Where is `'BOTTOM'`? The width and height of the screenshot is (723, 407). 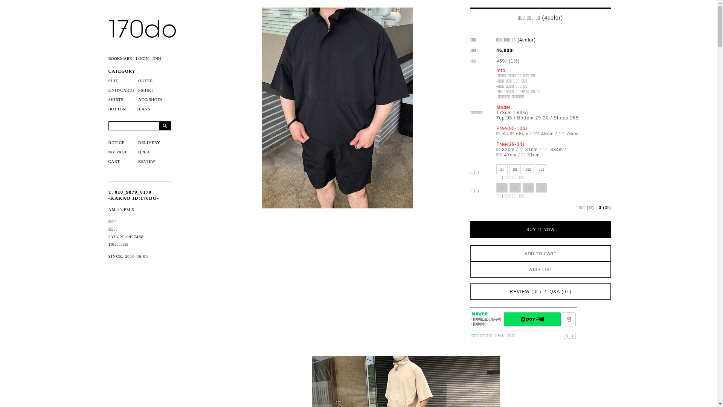 'BOTTOM' is located at coordinates (117, 109).